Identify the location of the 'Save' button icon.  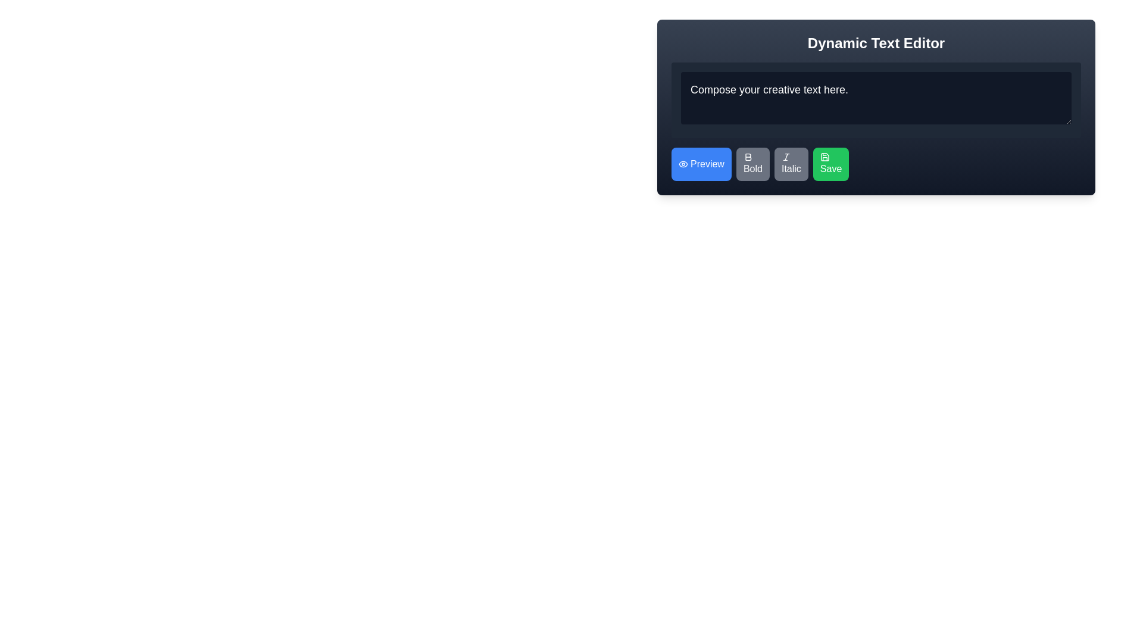
(824, 156).